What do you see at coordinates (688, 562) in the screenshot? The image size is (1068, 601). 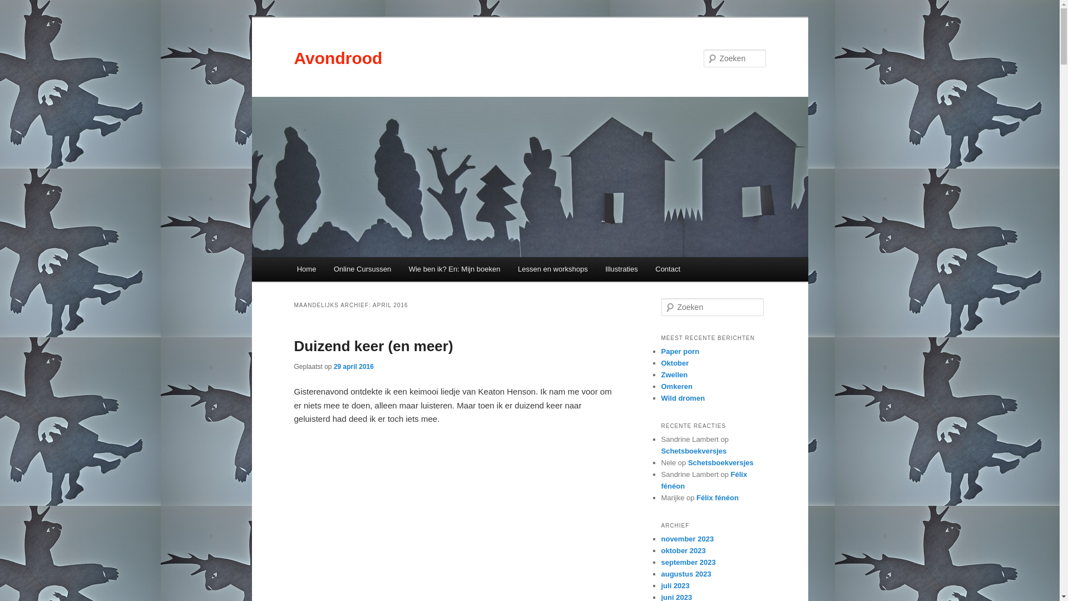 I see `'september 2023'` at bounding box center [688, 562].